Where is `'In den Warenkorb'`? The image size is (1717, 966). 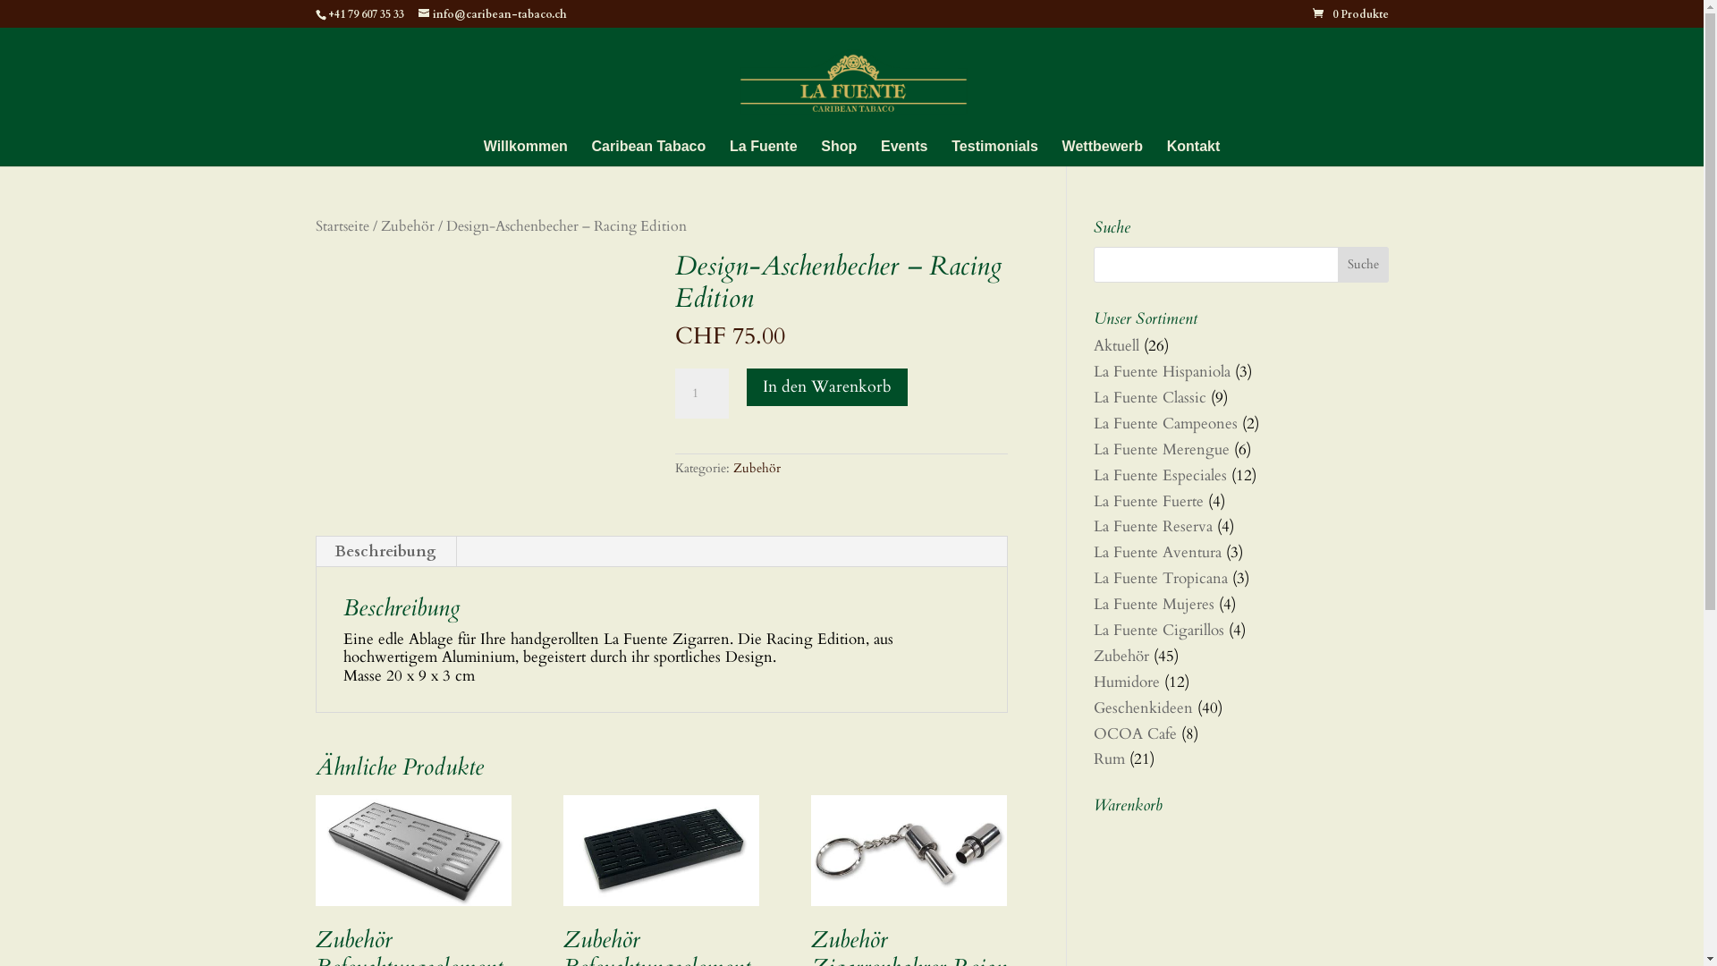
'In den Warenkorb' is located at coordinates (826, 386).